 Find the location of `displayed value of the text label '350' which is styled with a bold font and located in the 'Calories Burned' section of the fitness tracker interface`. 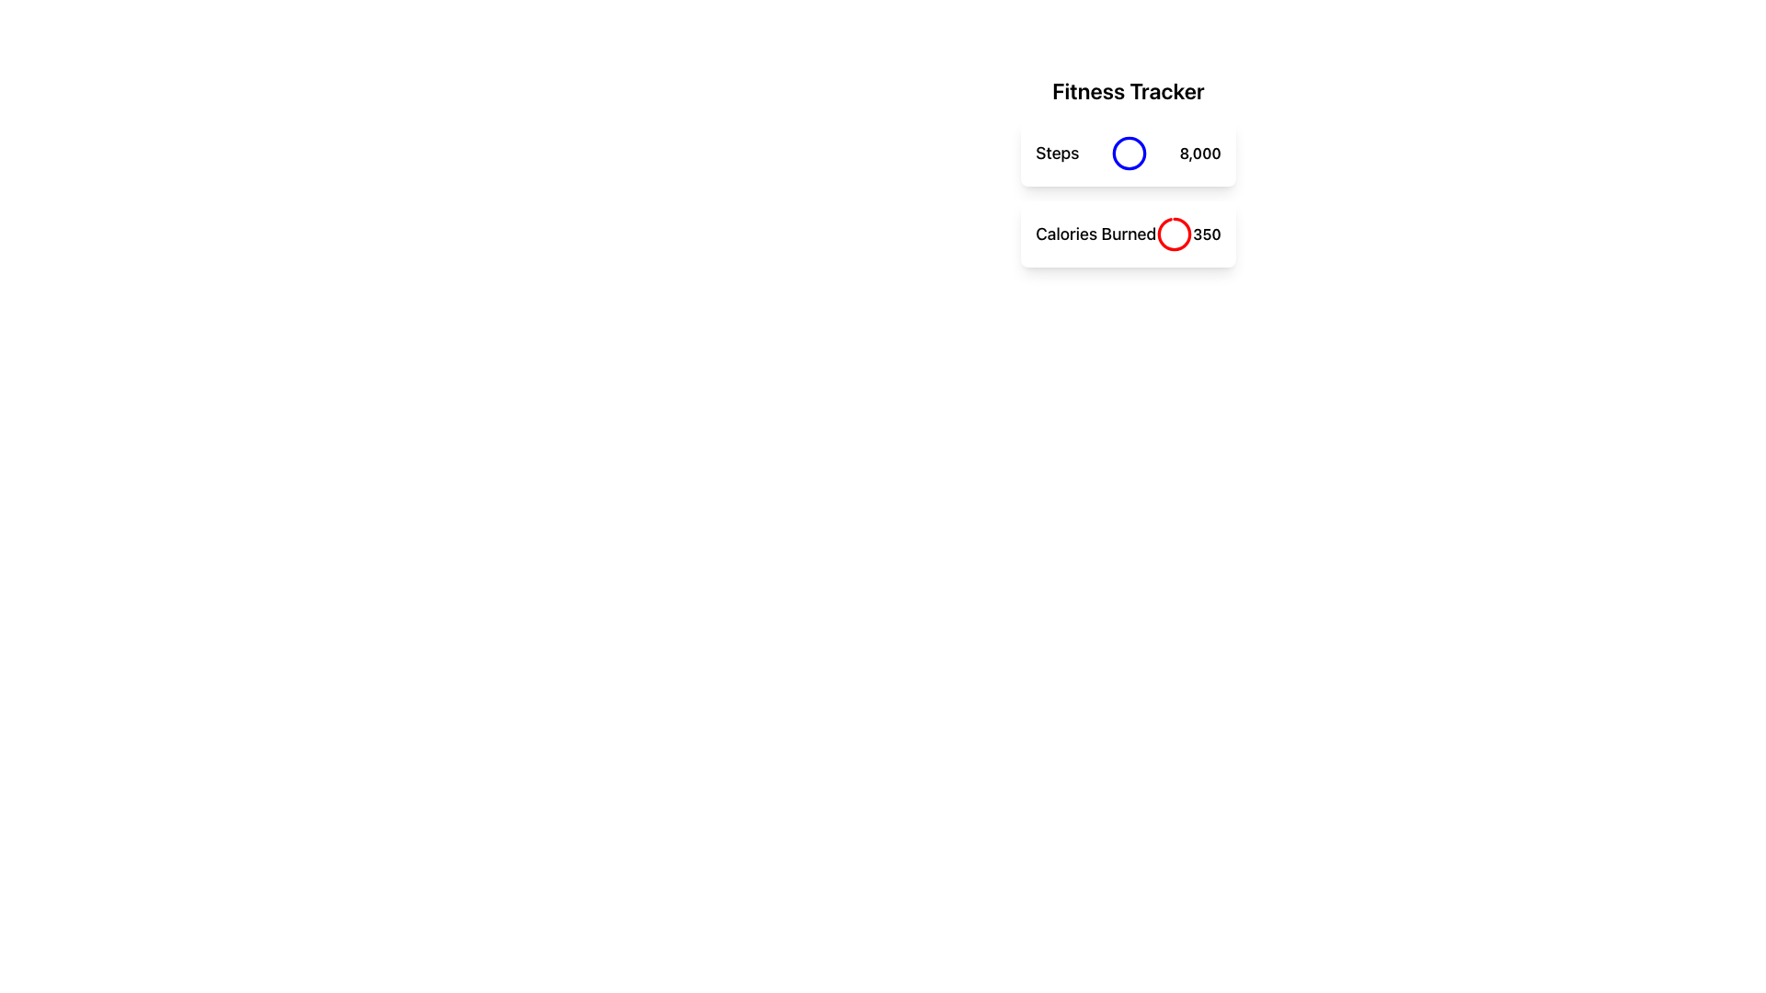

displayed value of the text label '350' which is styled with a bold font and located in the 'Calories Burned' section of the fitness tracker interface is located at coordinates (1207, 233).